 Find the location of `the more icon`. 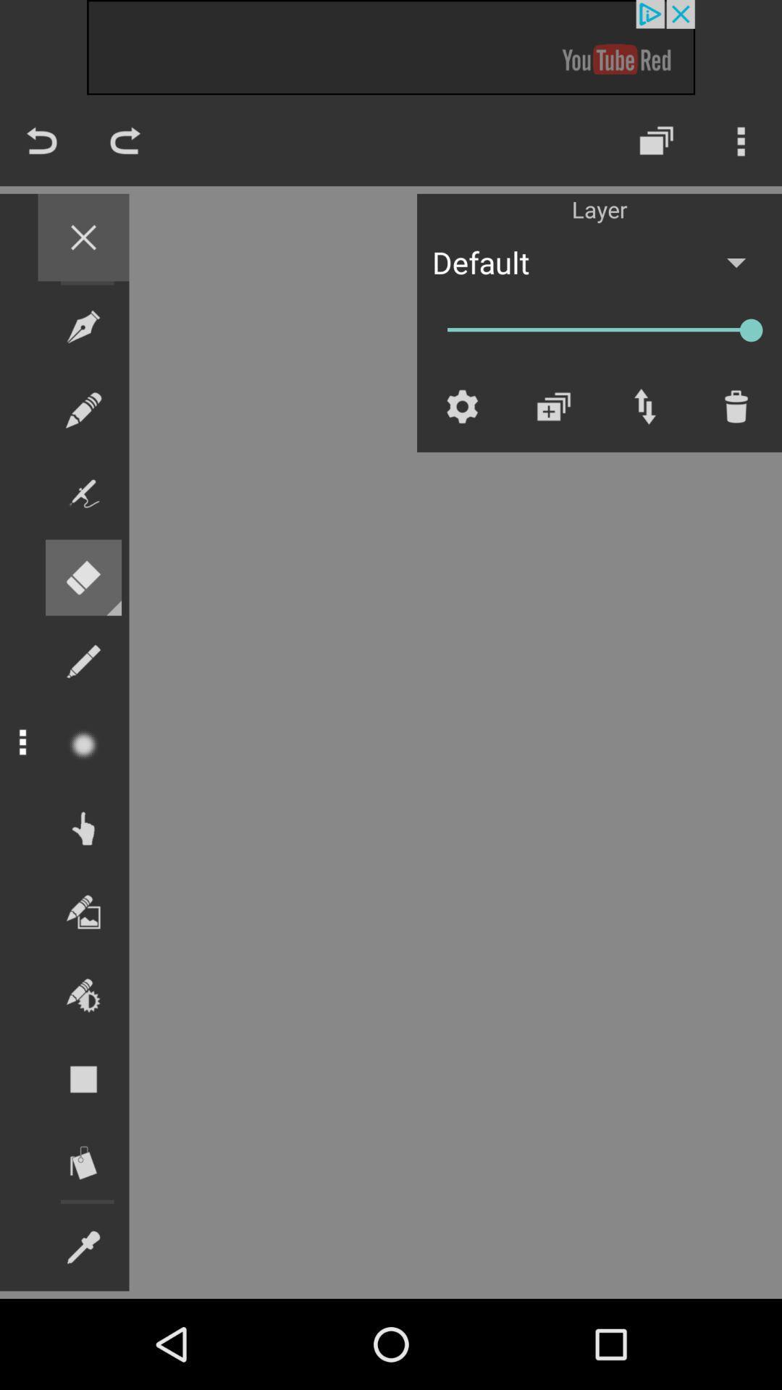

the more icon is located at coordinates (740, 140).